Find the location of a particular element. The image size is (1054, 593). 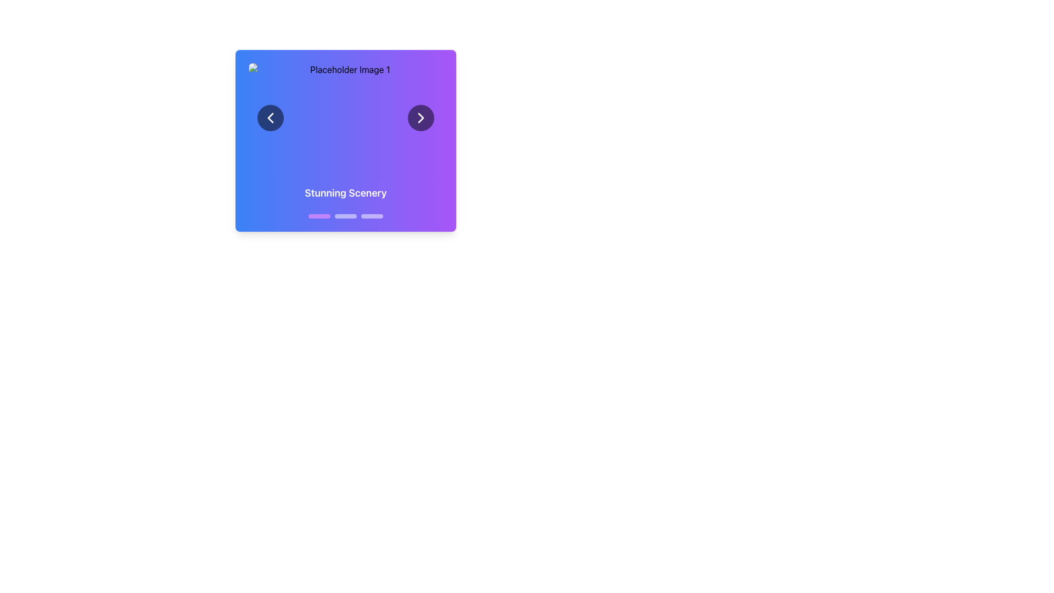

the third dot indicator button, which is a white, semi-transparent, rounded rectangular button is located at coordinates (372, 216).